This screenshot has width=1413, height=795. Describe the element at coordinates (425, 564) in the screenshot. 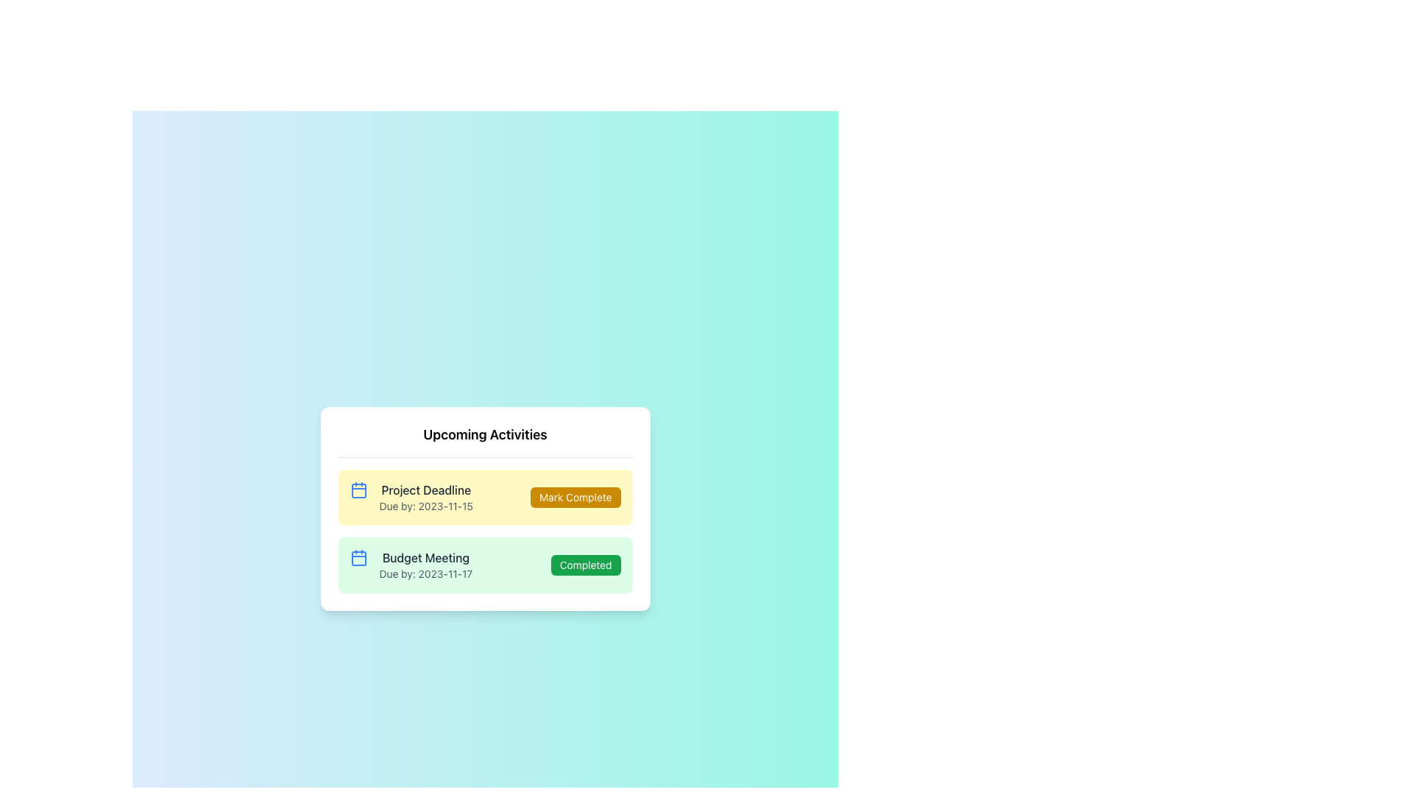

I see `the 'Budget Meeting' text block located in the second entry of the activity list within the 'Upcoming Activities' card` at that location.